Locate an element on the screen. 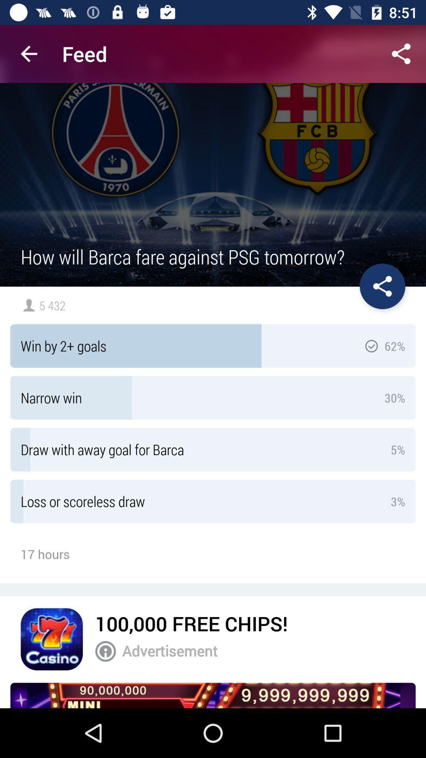 The height and width of the screenshot is (758, 426). advertisement is located at coordinates (263, 651).